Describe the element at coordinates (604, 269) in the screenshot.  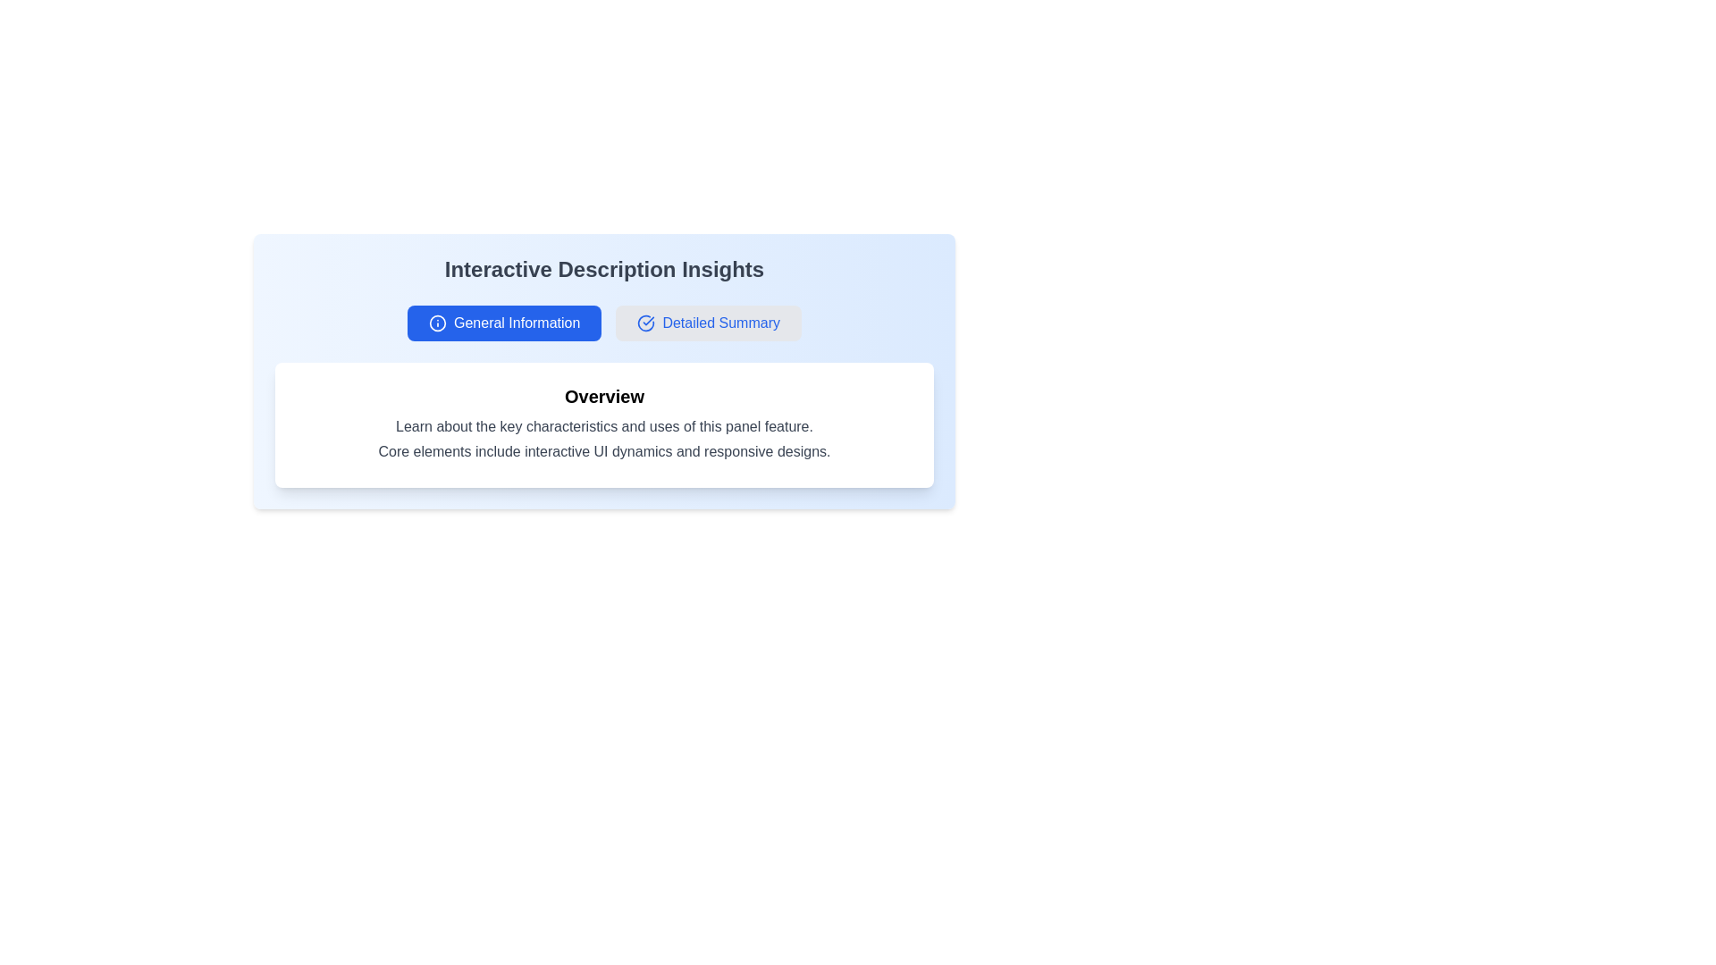
I see `text label heading 'Interactive Description Insights' to understand the section's context` at that location.